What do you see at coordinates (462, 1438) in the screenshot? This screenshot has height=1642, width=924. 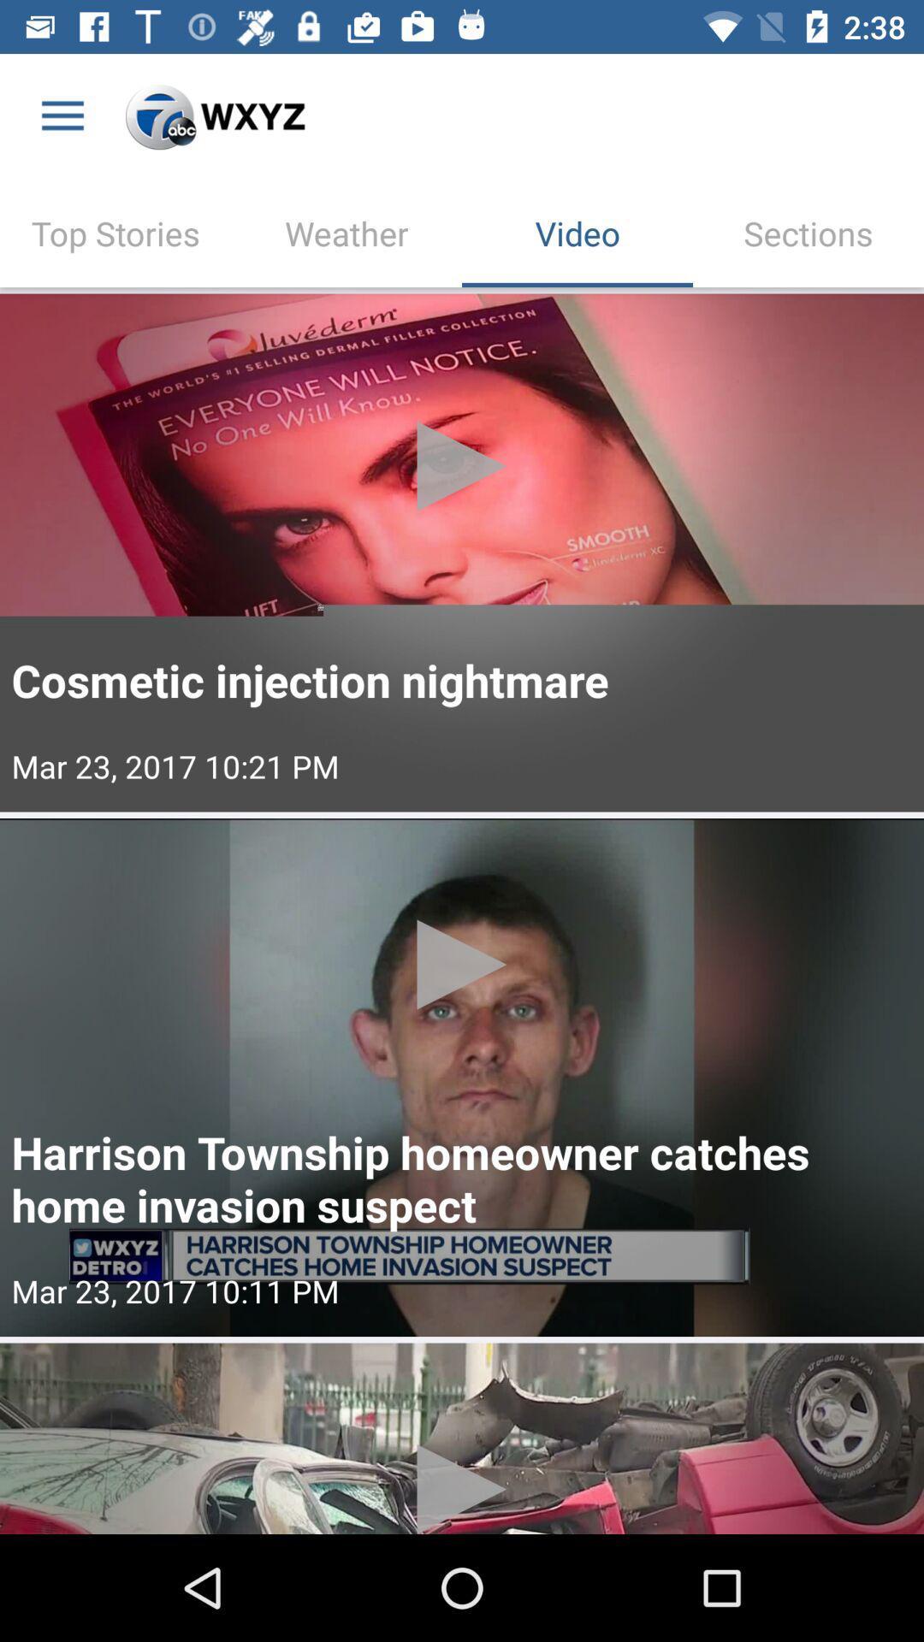 I see `image` at bounding box center [462, 1438].